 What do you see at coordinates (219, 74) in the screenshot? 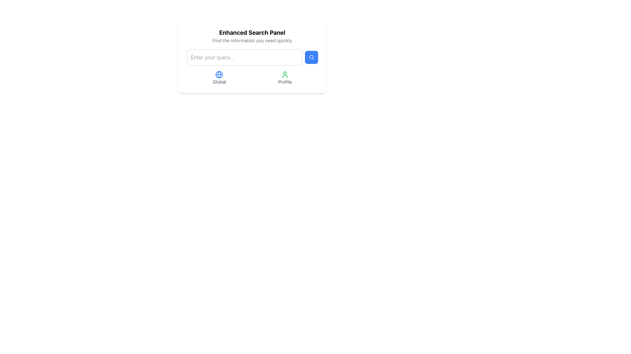
I see `the globe icon, which is styled with a circular outline and horizontal lines, located centrally below the input search bar and above the 'Global' label` at bounding box center [219, 74].